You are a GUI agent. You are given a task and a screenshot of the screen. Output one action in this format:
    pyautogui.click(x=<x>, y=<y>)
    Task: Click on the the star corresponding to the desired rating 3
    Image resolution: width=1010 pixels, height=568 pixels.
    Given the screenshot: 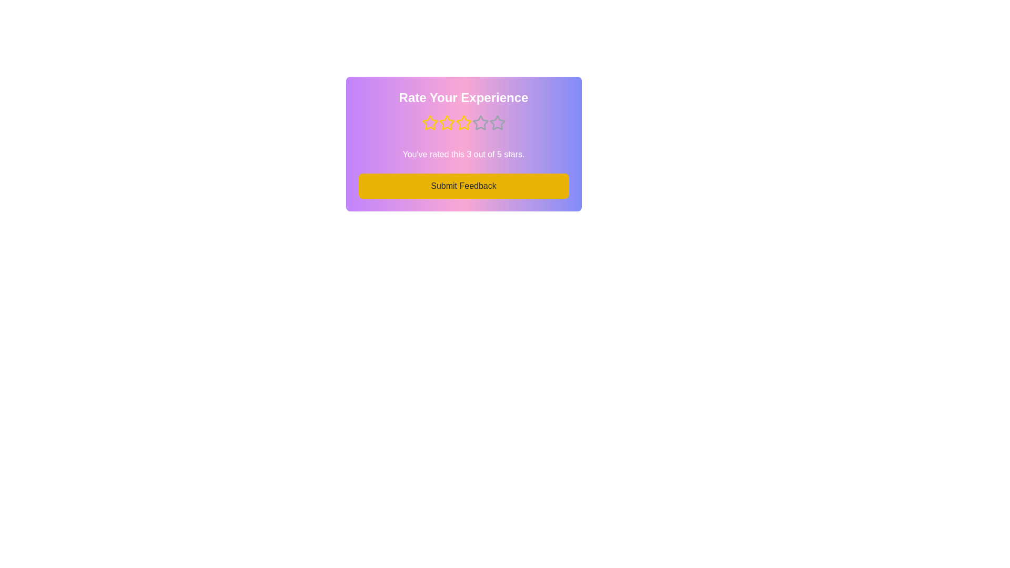 What is the action you would take?
    pyautogui.click(x=463, y=123)
    